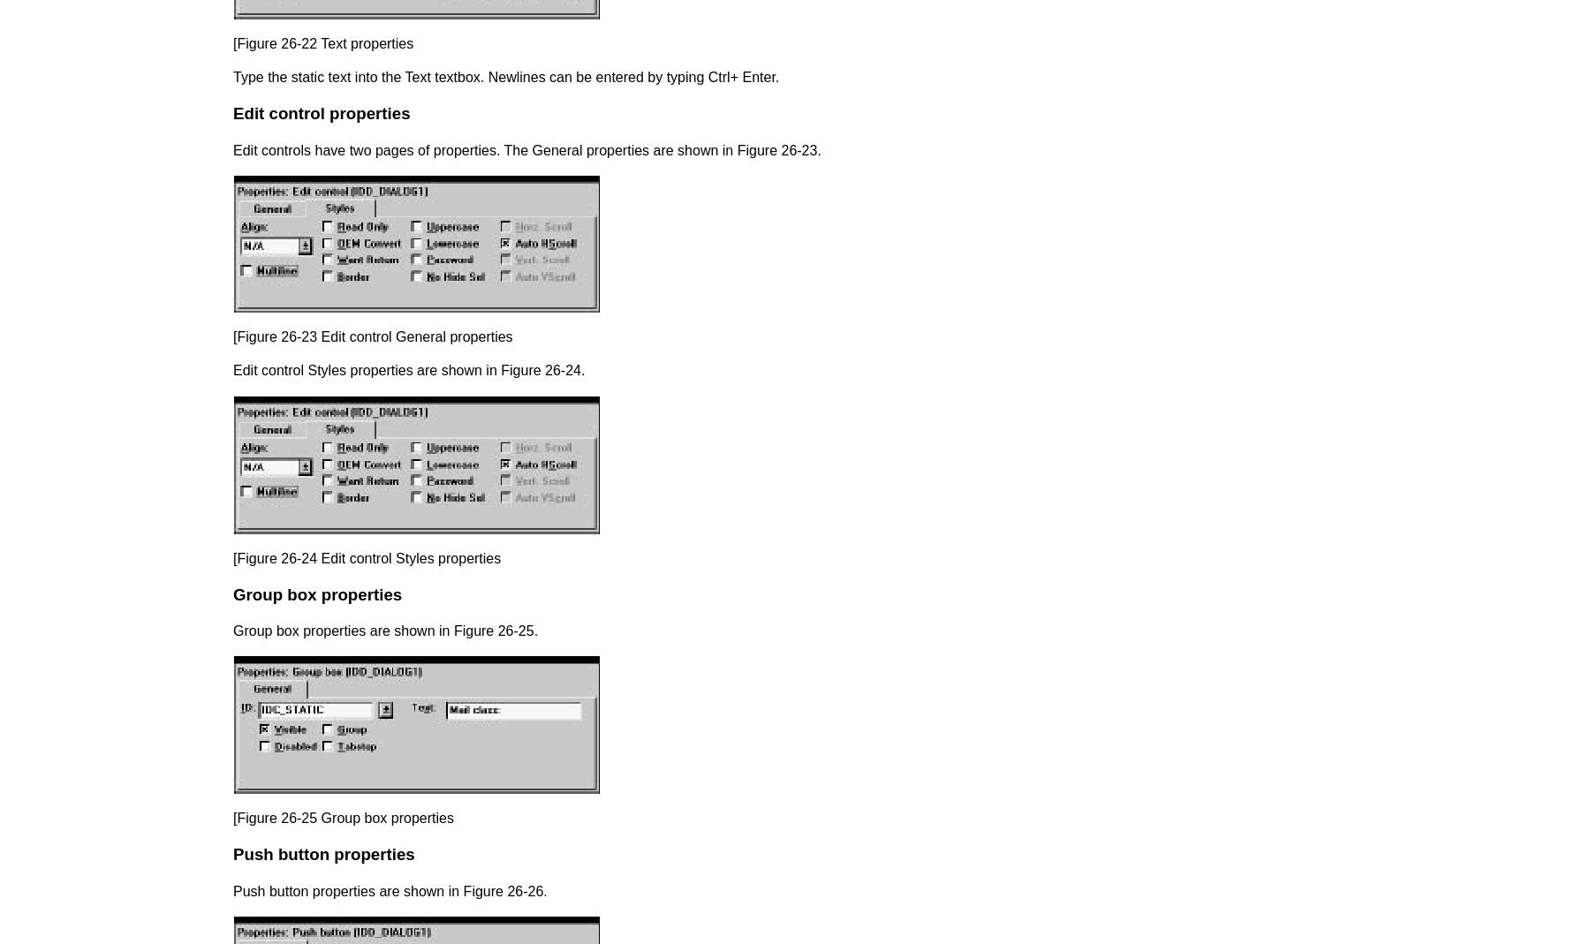  Describe the element at coordinates (505, 76) in the screenshot. I see `'Type the static text into the Text textbox. Newlines can be entered 
by typing Ctrl+ Enter.'` at that location.